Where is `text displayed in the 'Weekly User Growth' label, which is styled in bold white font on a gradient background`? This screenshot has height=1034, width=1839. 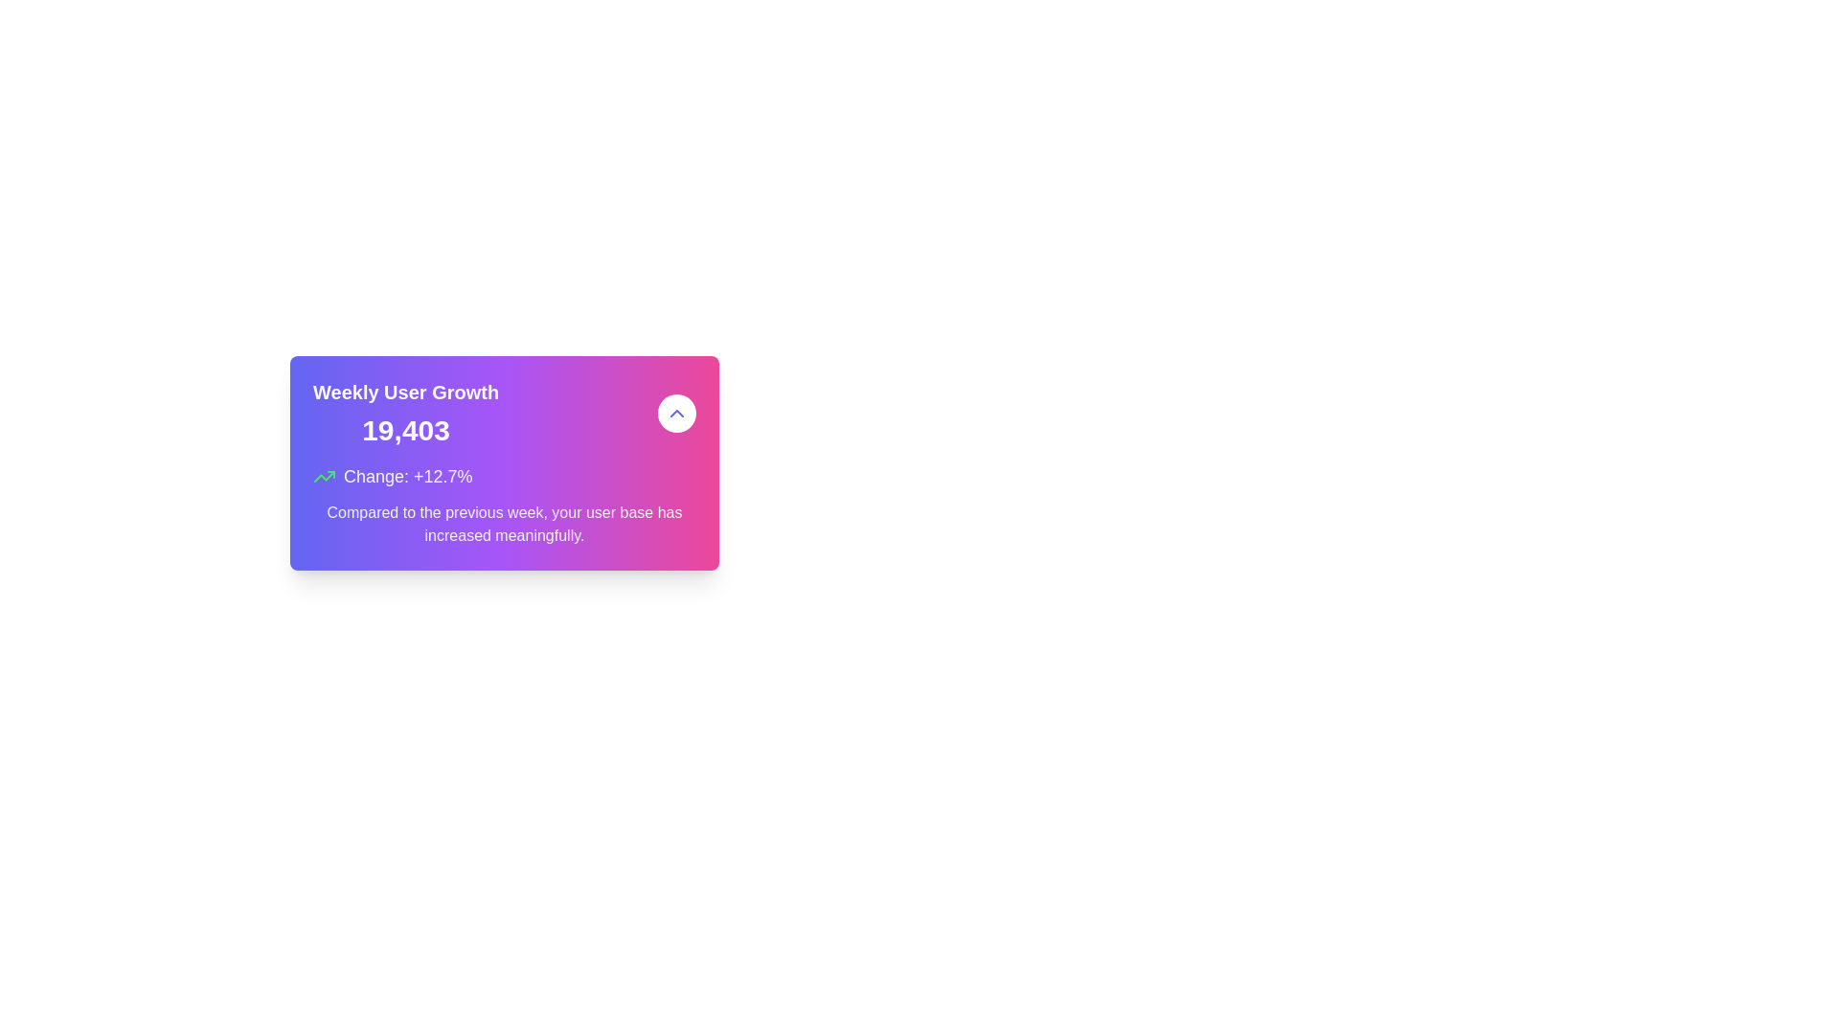
text displayed in the 'Weekly User Growth' label, which is styled in bold white font on a gradient background is located at coordinates (405, 391).